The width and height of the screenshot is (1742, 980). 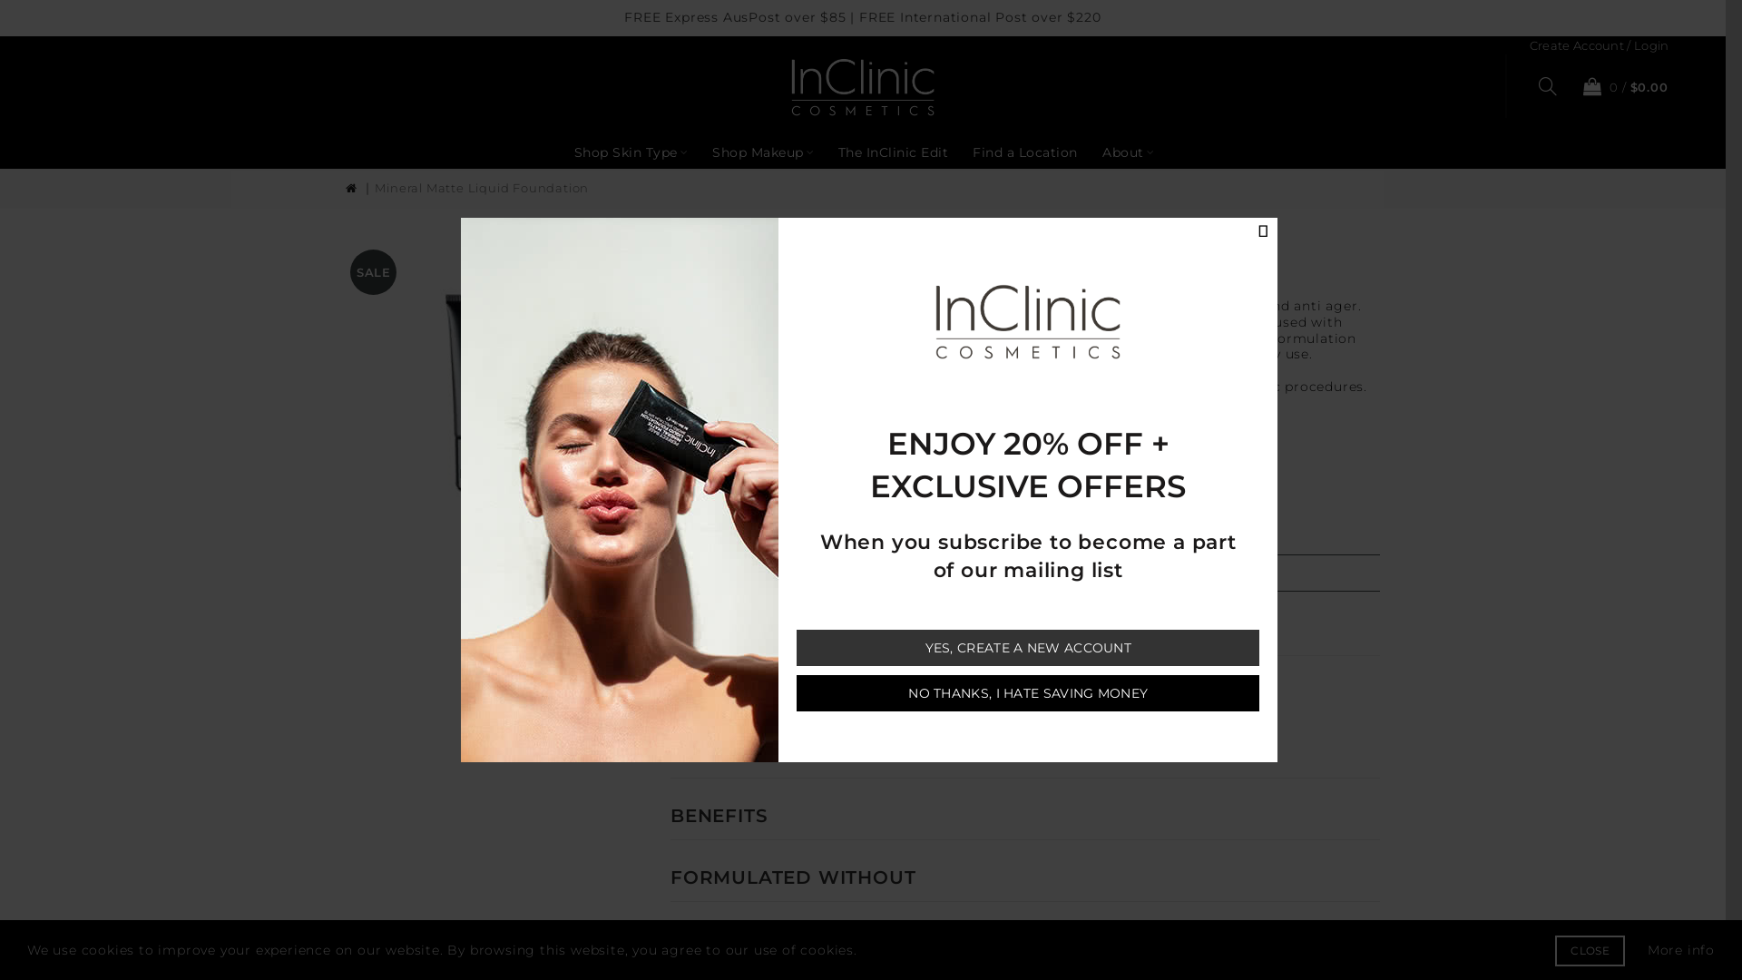 What do you see at coordinates (1599, 44) in the screenshot?
I see `'Create Account / Login'` at bounding box center [1599, 44].